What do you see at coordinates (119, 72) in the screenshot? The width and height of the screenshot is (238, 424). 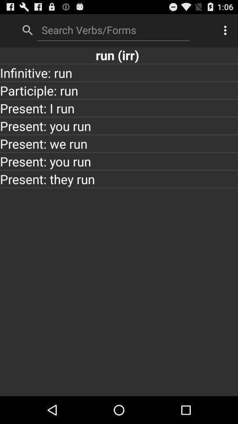 I see `the infinitive: run item` at bounding box center [119, 72].